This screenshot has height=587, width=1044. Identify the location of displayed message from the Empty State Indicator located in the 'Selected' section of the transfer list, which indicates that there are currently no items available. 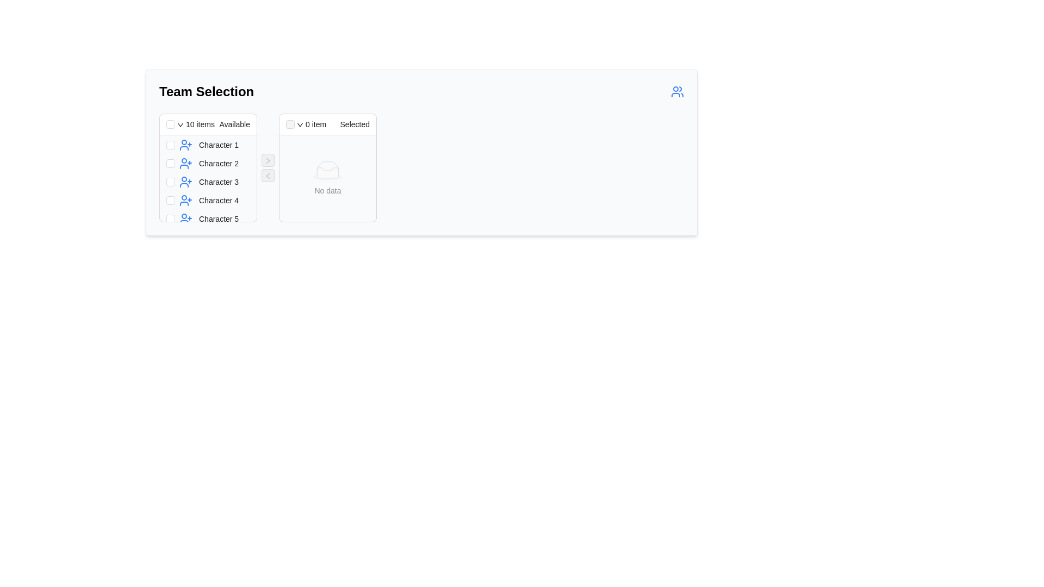
(327, 178).